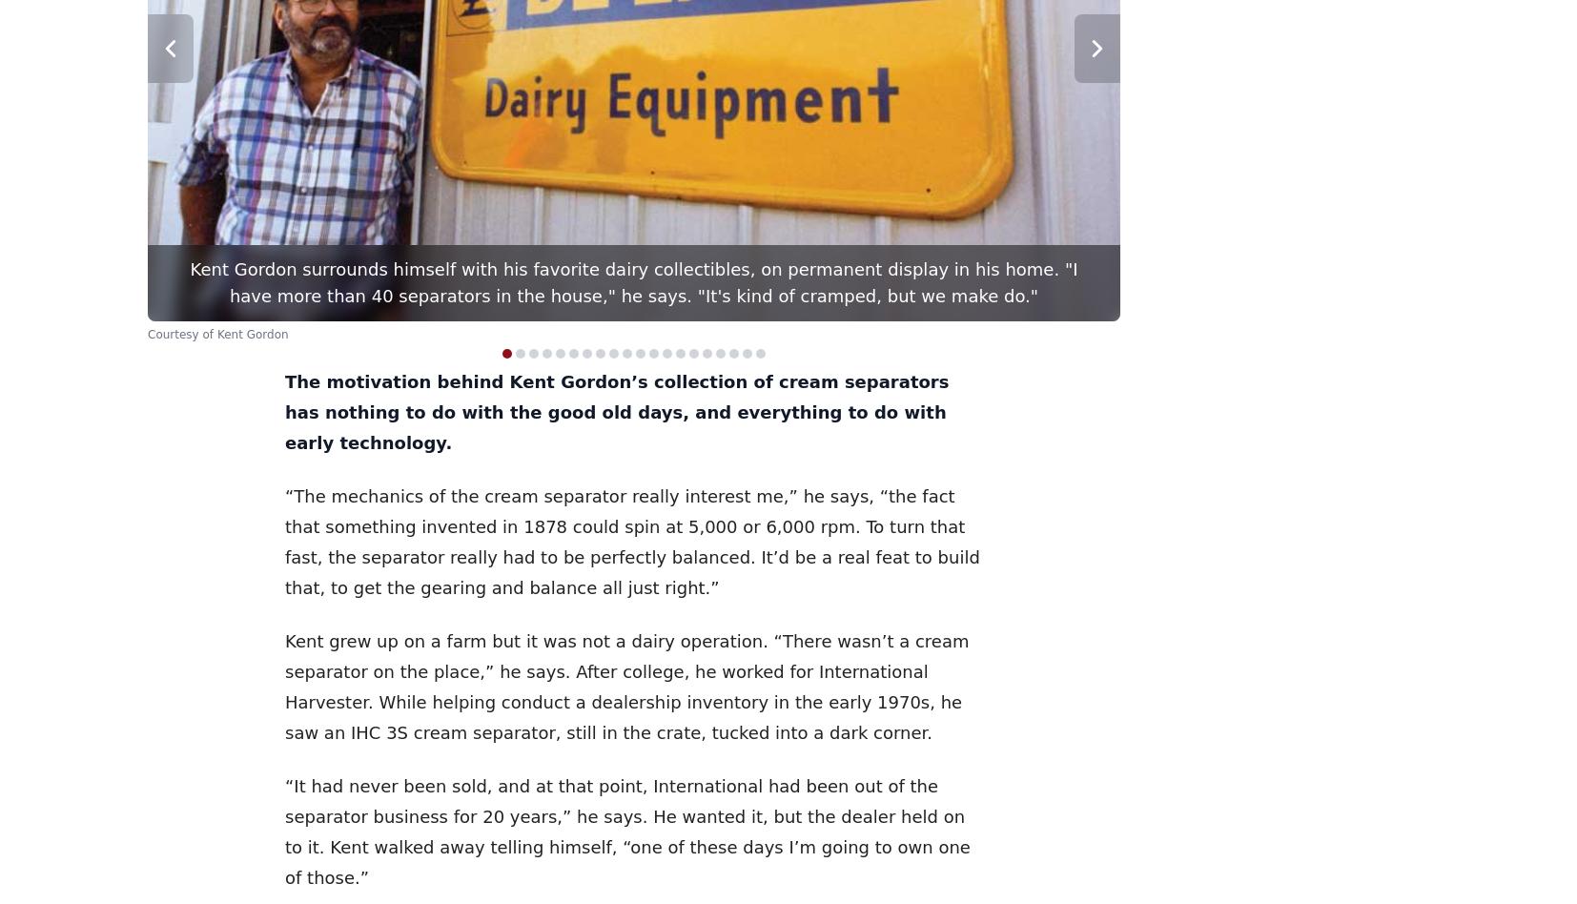 This screenshot has height=904, width=1577. Describe the element at coordinates (916, 311) in the screenshot. I see `'$27.99'` at that location.